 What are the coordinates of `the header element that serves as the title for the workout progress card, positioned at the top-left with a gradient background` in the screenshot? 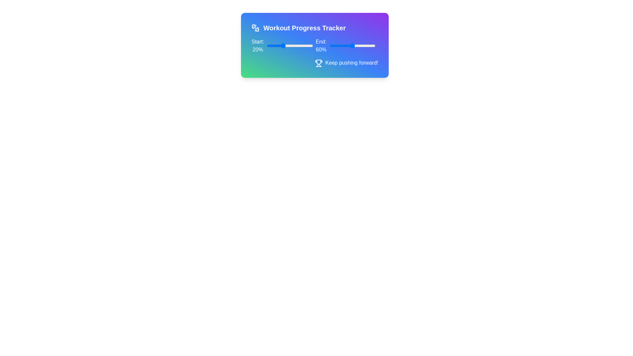 It's located at (315, 27).